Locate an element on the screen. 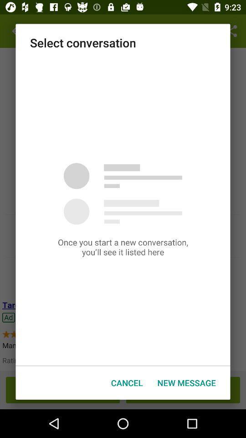 This screenshot has width=246, height=438. cancel icon is located at coordinates (126, 383).